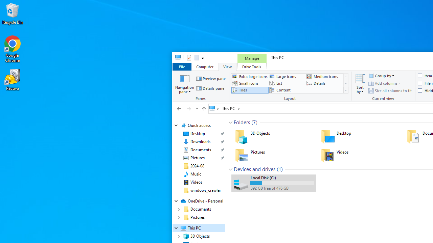  Describe the element at coordinates (287, 90) in the screenshot. I see `'Content'` at that location.